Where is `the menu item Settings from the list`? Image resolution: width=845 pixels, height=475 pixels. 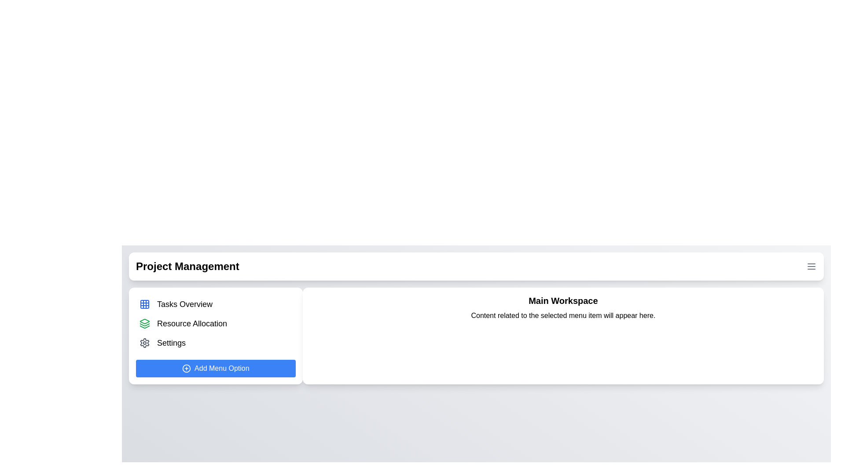
the menu item Settings from the list is located at coordinates (216, 342).